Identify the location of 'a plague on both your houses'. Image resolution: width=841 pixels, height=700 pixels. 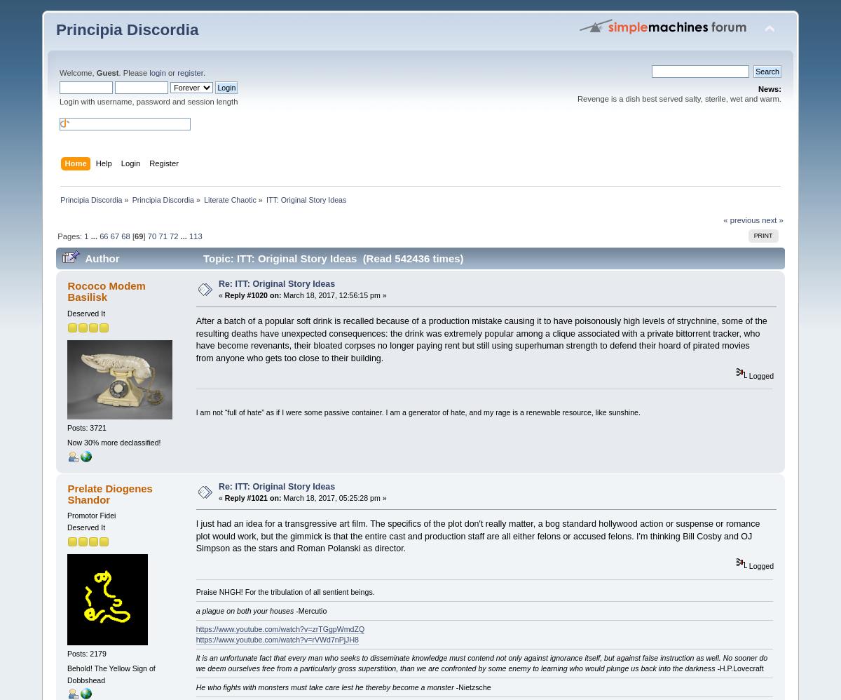
(244, 609).